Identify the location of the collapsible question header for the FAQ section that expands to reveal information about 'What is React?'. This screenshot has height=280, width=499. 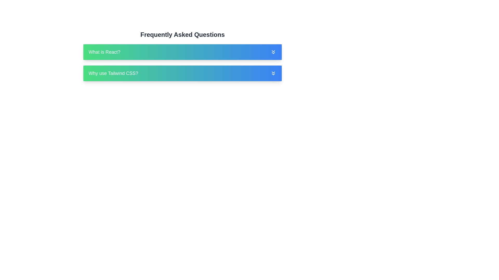
(182, 52).